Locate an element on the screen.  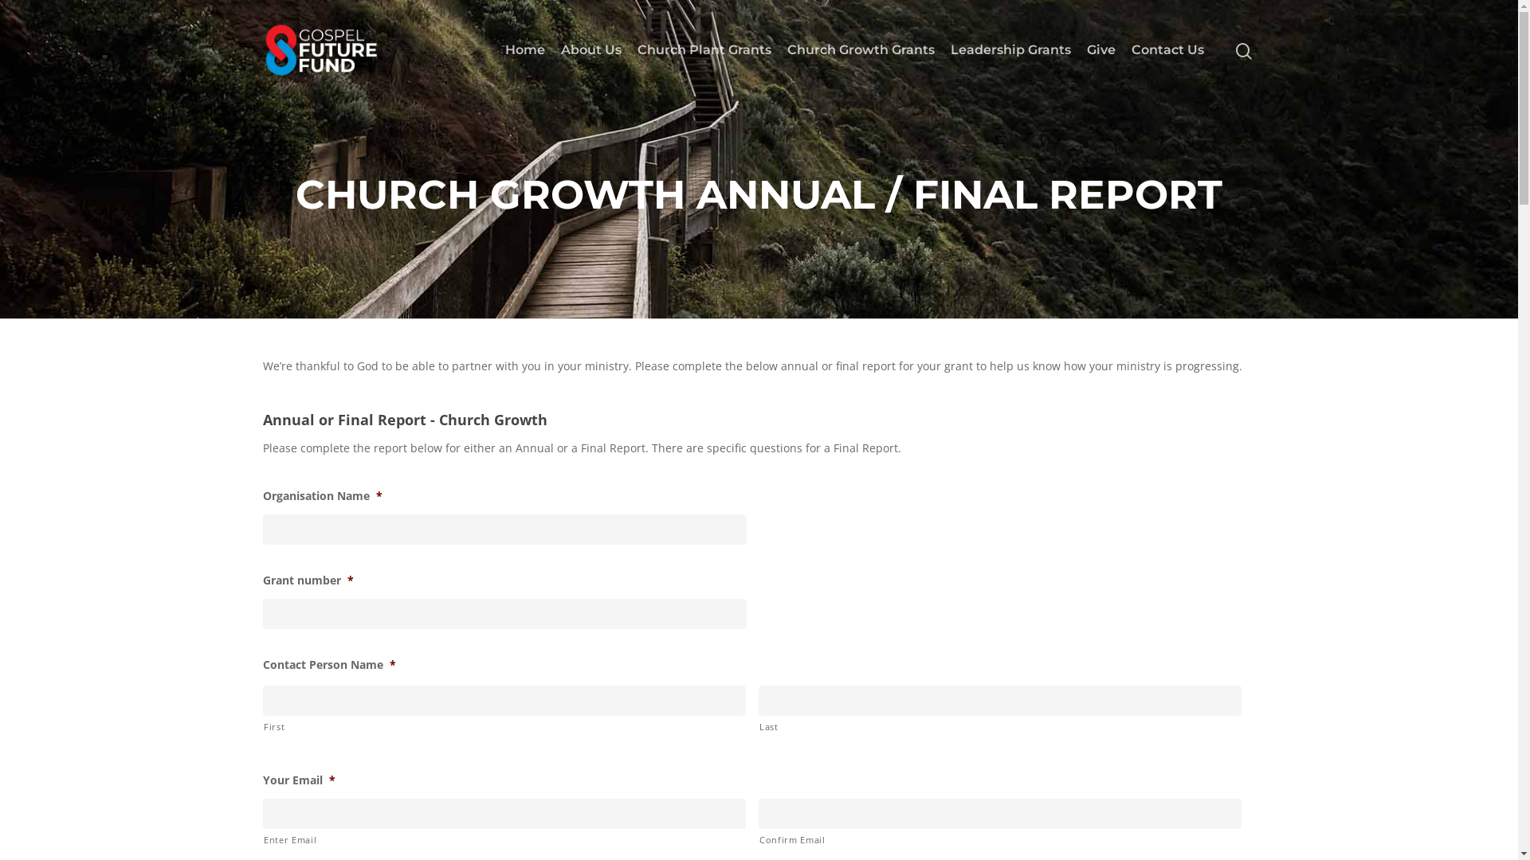
'Church Plant Grants' is located at coordinates (703, 49).